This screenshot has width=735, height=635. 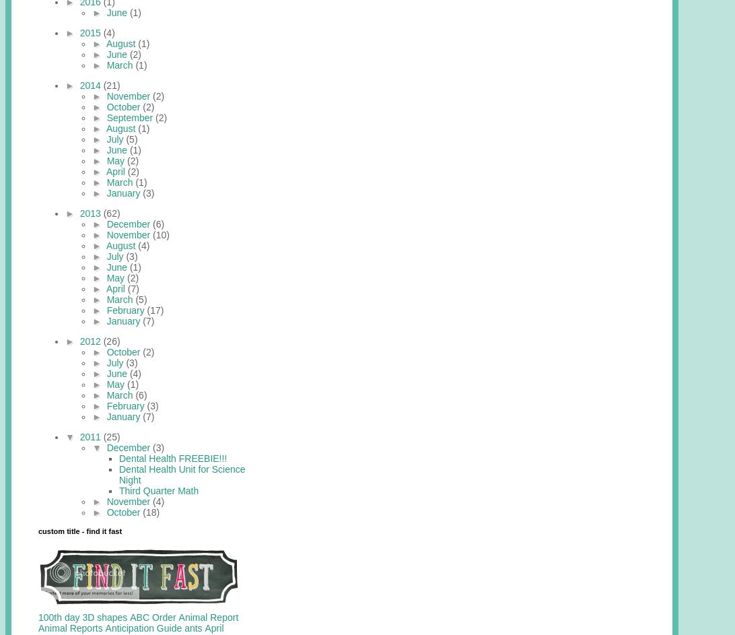 What do you see at coordinates (59, 616) in the screenshot?
I see `'100th day'` at bounding box center [59, 616].